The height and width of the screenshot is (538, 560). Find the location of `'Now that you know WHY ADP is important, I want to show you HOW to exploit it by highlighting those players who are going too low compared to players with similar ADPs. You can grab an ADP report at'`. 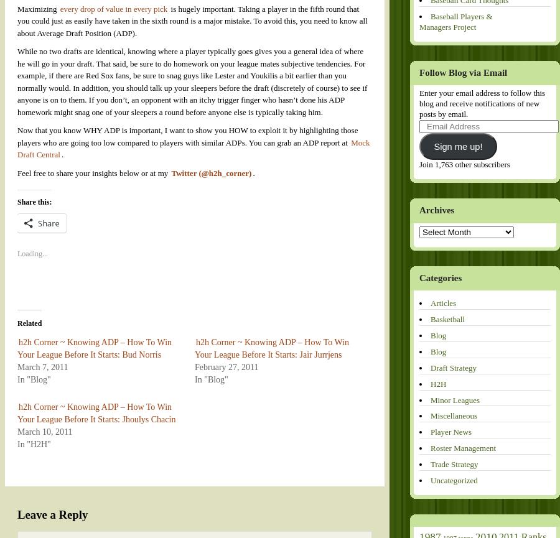

'Now that you know WHY ADP is important, I want to show you HOW to exploit it by highlighting those players who are going too low compared to players with similar ADPs. You can grab an ADP report at' is located at coordinates (187, 136).